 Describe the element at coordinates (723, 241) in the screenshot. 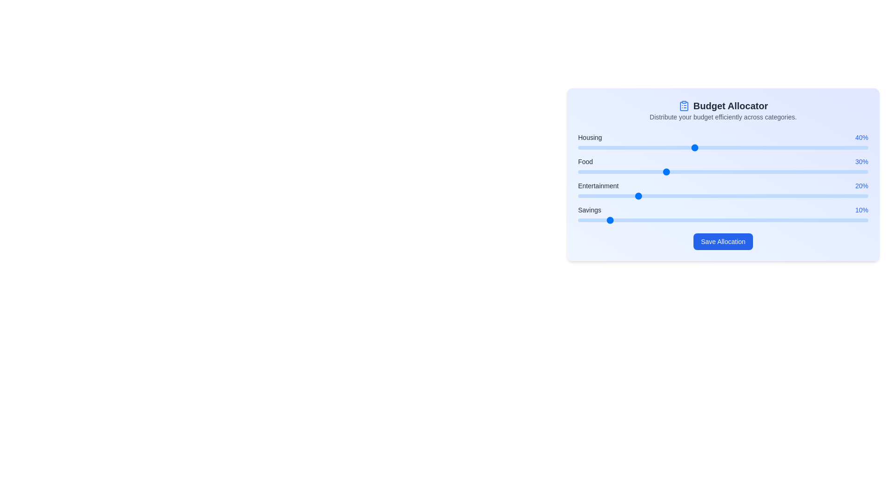

I see `the 'Save Allocation' button to save the changes` at that location.